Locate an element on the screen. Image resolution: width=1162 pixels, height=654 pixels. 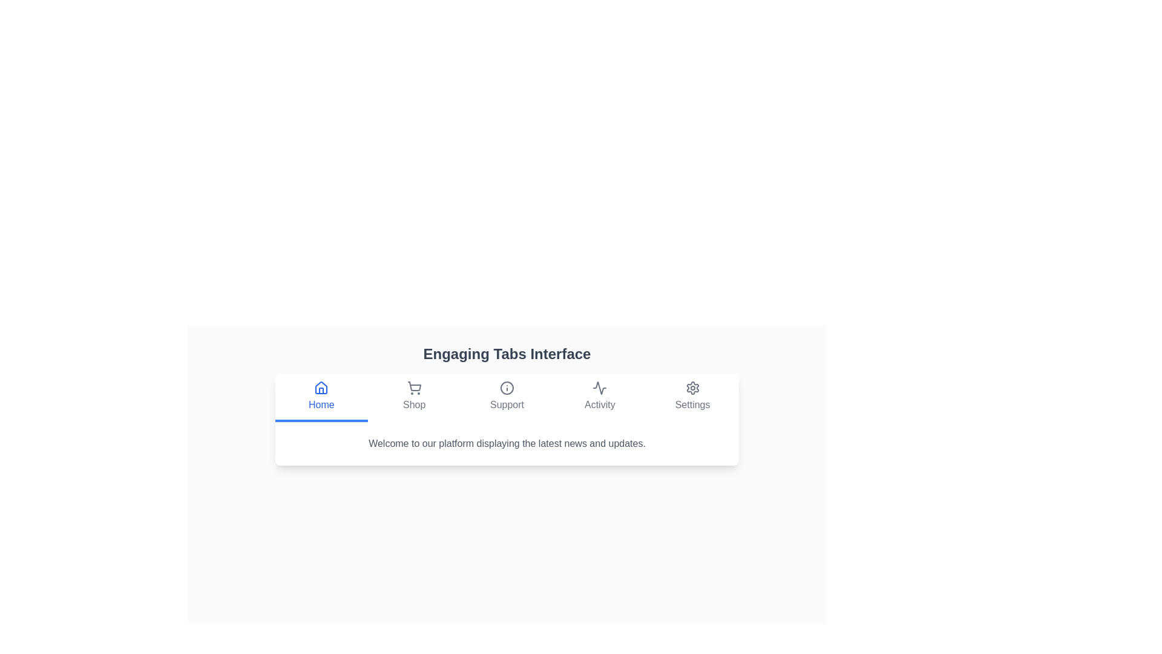
the home navigation icon located near the top of the Home tab button is located at coordinates (321, 388).